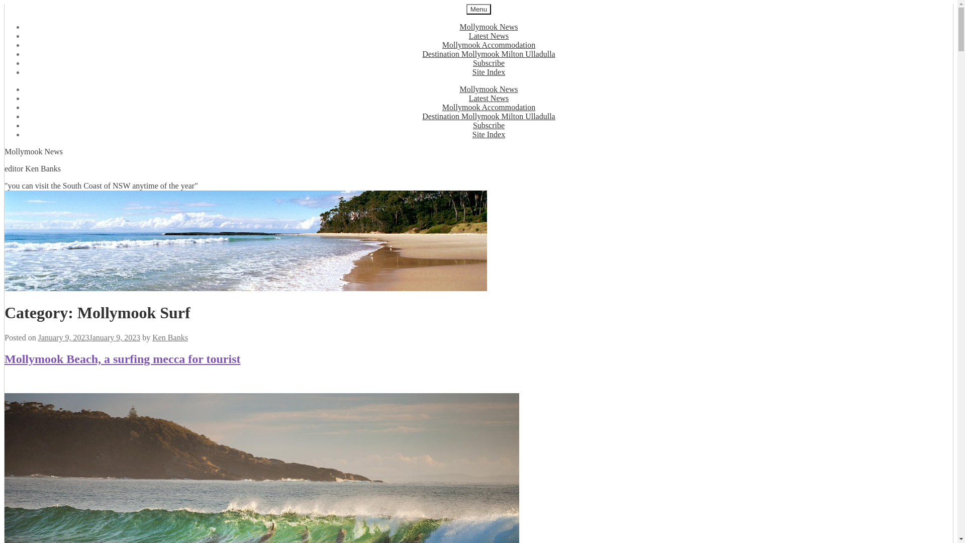 The width and height of the screenshot is (965, 543). I want to click on 'Destination Mollymook Milton Ulladulla', so click(488, 116).